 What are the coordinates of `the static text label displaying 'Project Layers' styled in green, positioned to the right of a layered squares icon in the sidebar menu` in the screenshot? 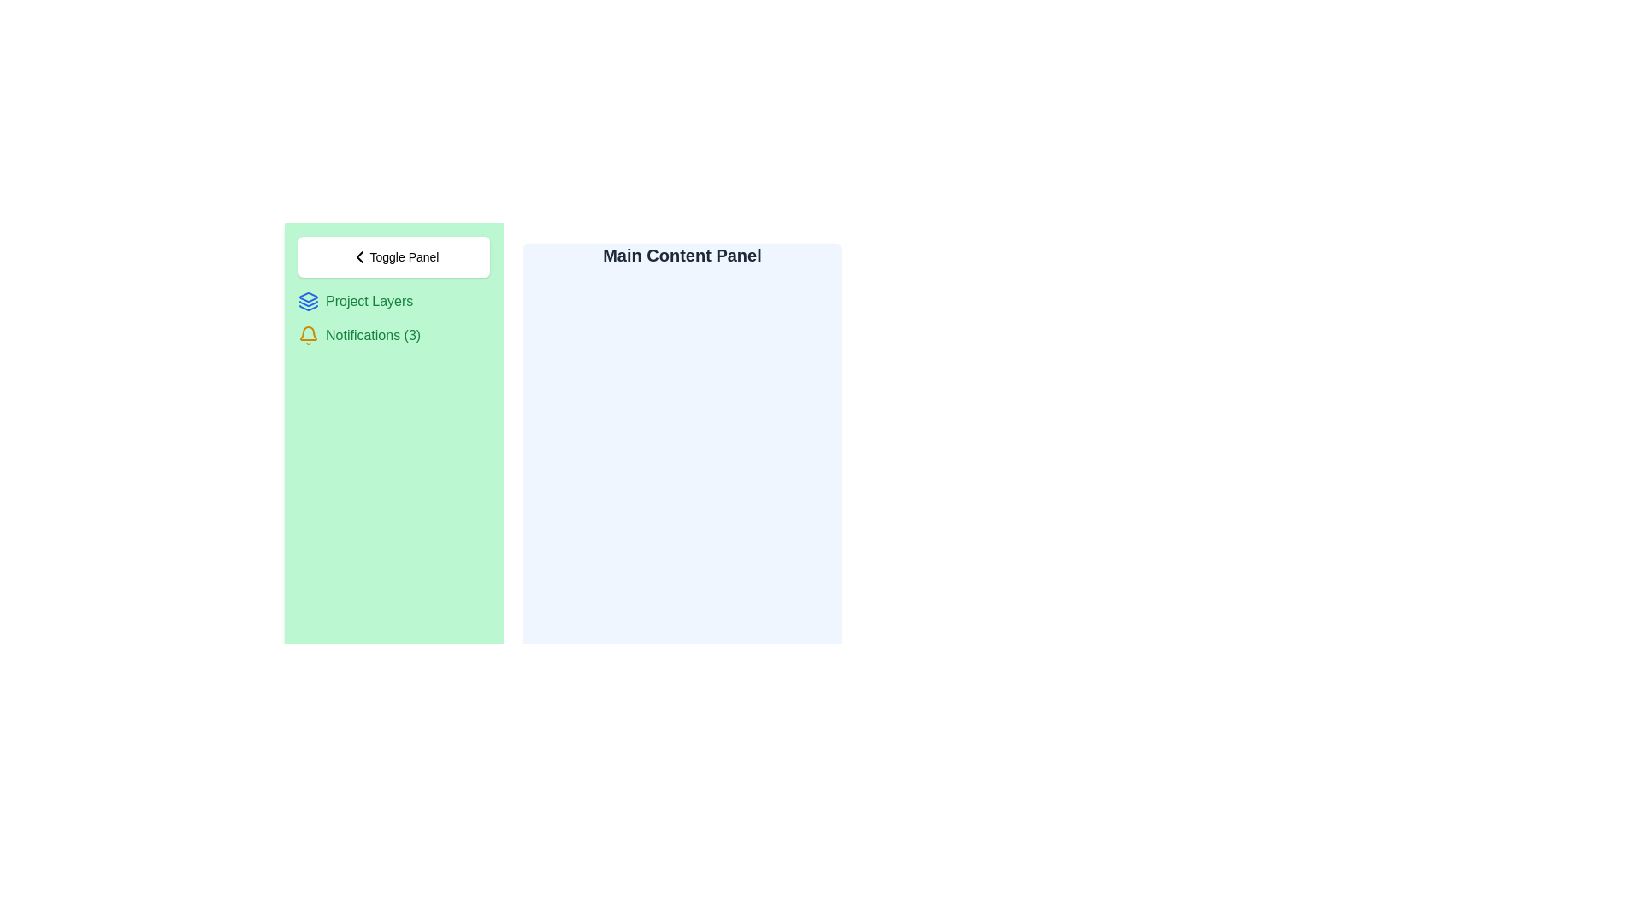 It's located at (369, 301).